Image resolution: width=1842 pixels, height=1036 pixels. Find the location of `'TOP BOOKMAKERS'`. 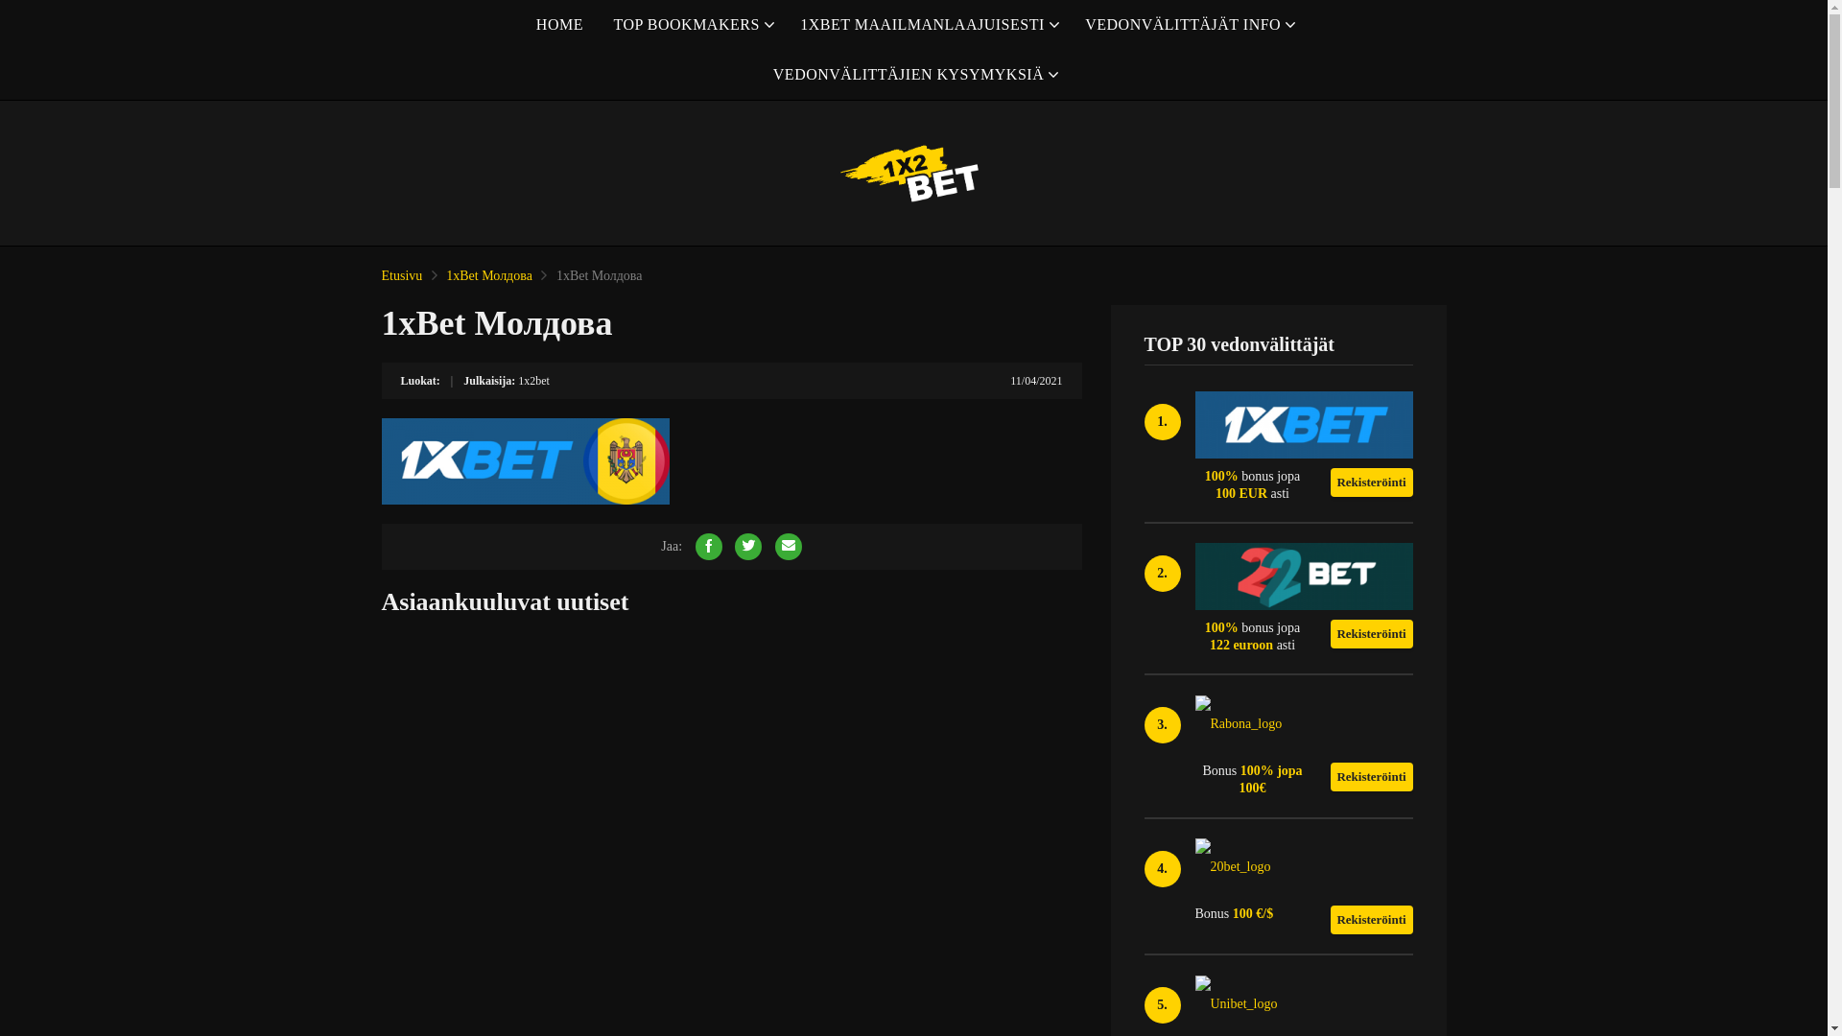

'TOP BOOKMAKERS' is located at coordinates (691, 25).